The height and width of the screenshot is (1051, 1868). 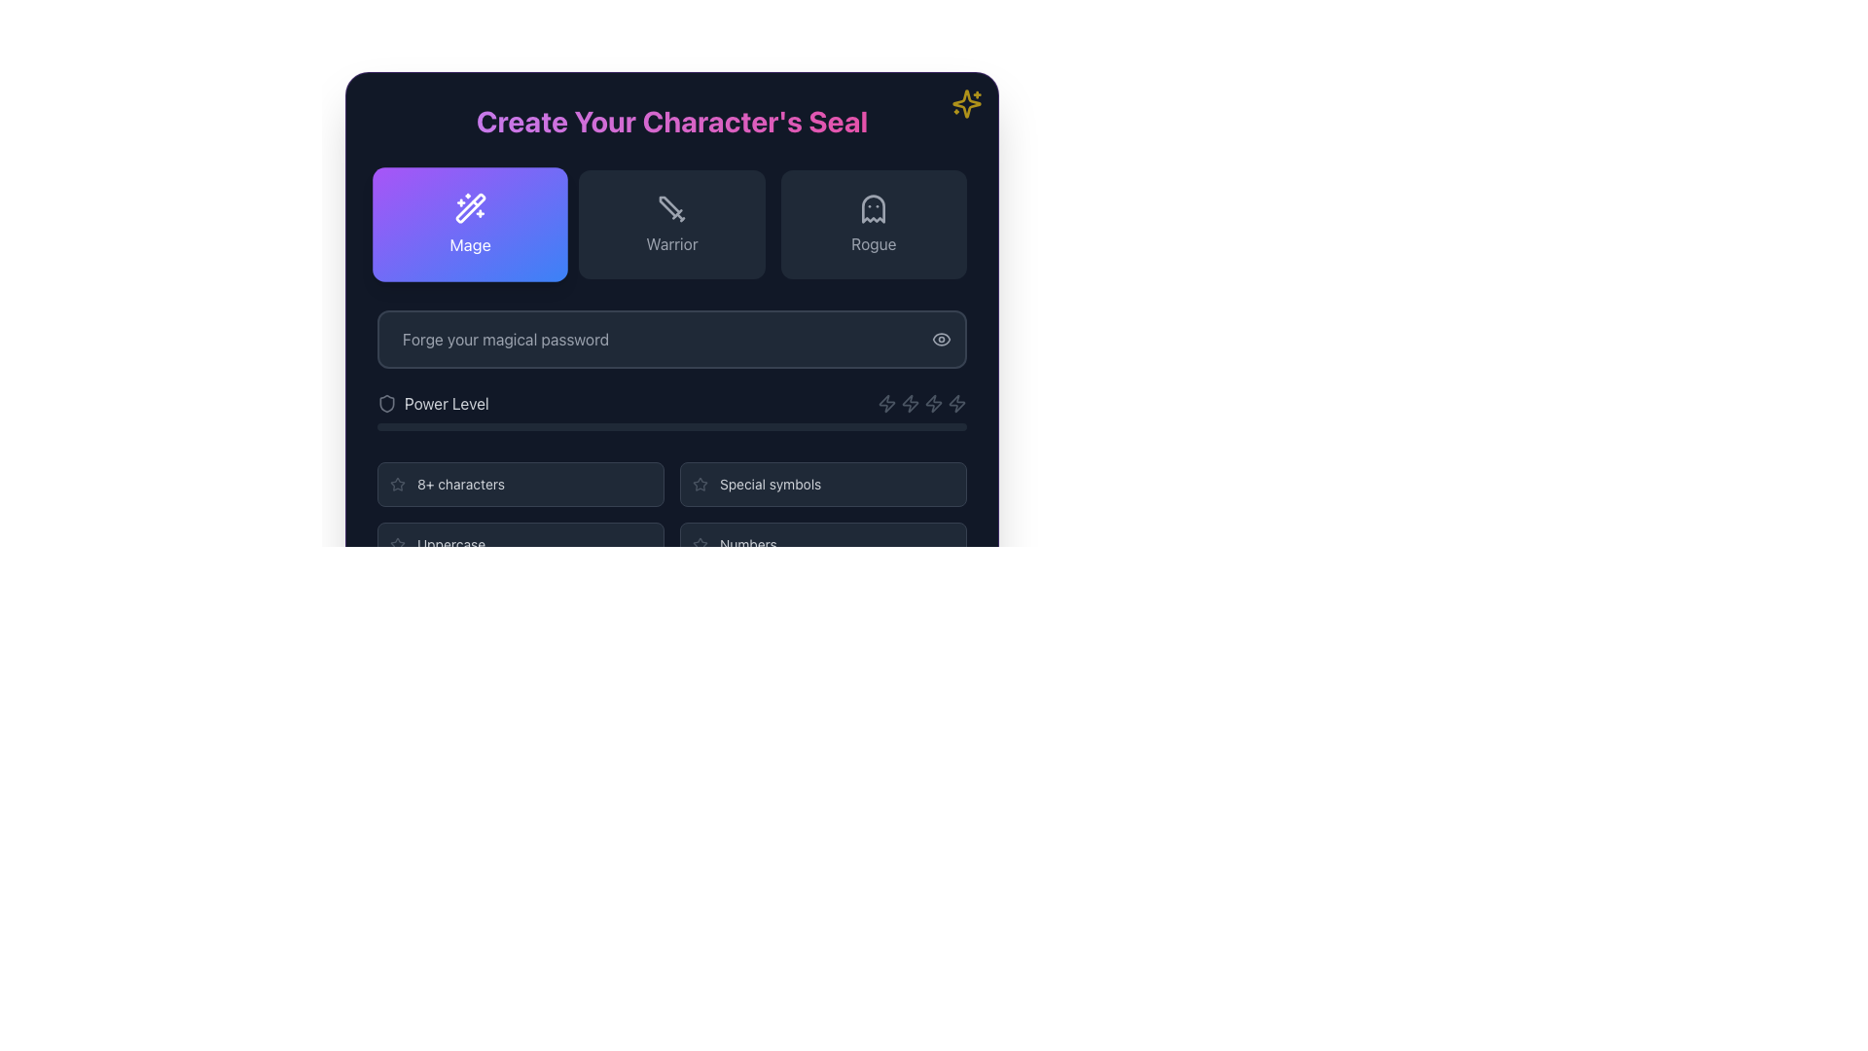 I want to click on the 'Warrior' button, which is a rectangular button with rounded corners, a dark gray background, a sword icon in light gray, and the text 'Warrior' in gray, located in the middle of the three-button row, so click(x=672, y=224).